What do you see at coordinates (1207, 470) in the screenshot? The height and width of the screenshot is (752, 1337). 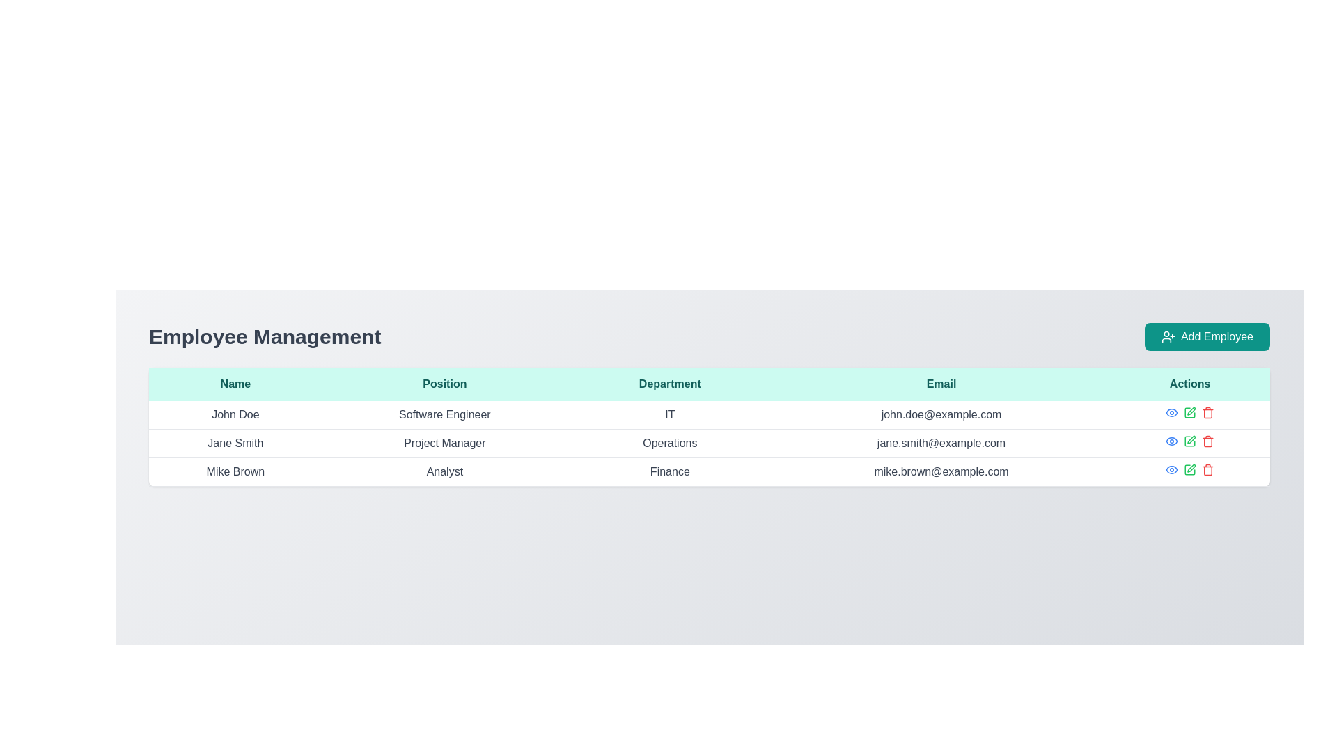 I see `the delete icon located at the last column of the table's row for Mike Brown` at bounding box center [1207, 470].